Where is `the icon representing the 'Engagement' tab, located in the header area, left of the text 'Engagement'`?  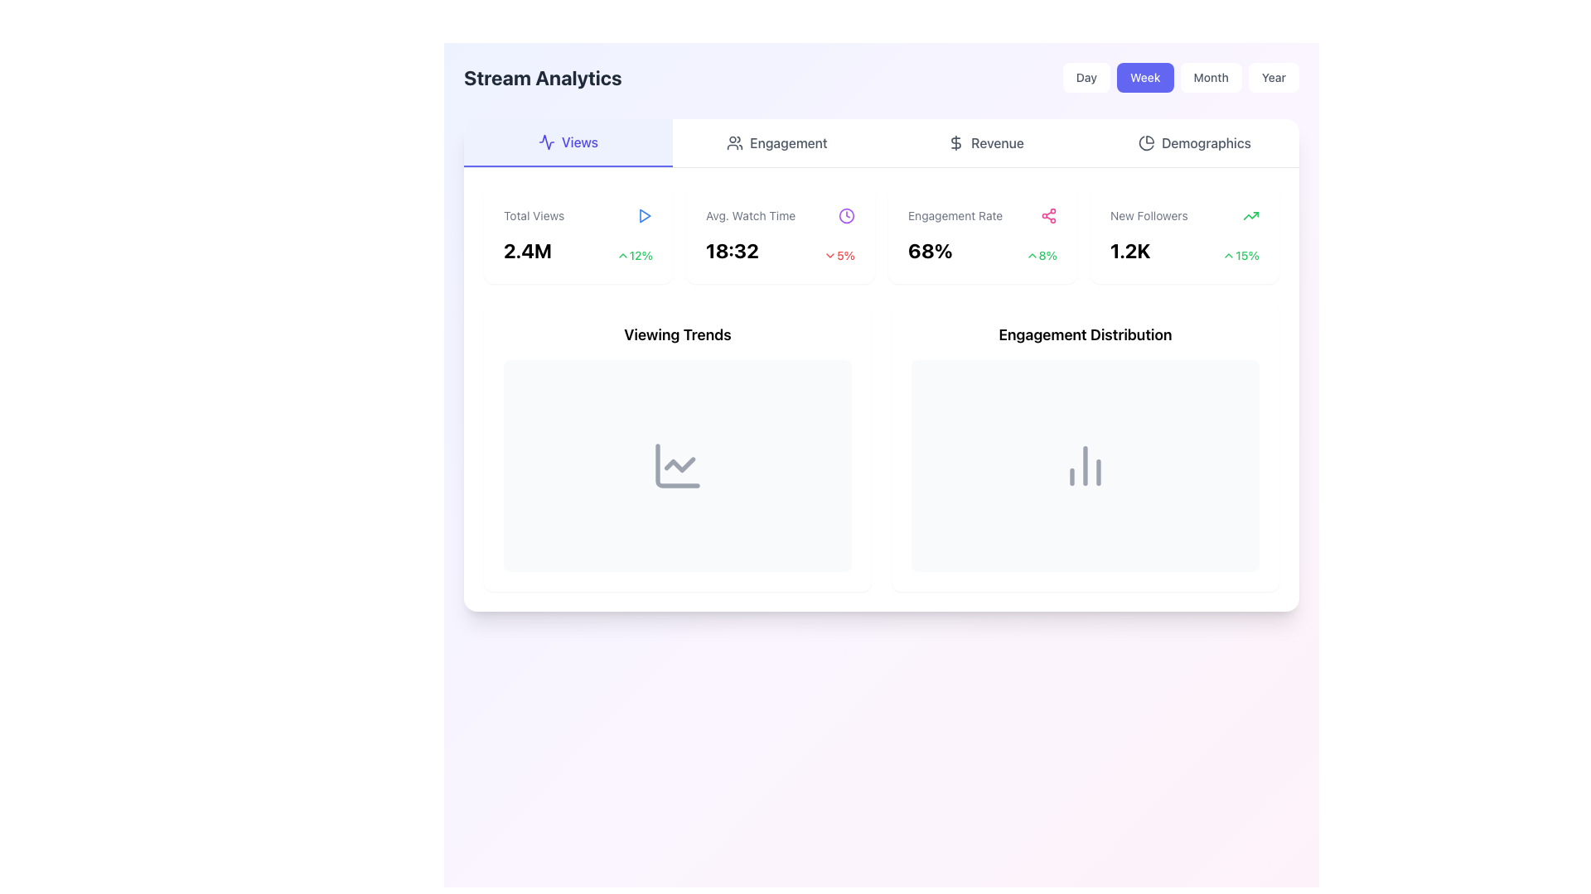
the icon representing the 'Engagement' tab, located in the header area, left of the text 'Engagement' is located at coordinates (734, 142).